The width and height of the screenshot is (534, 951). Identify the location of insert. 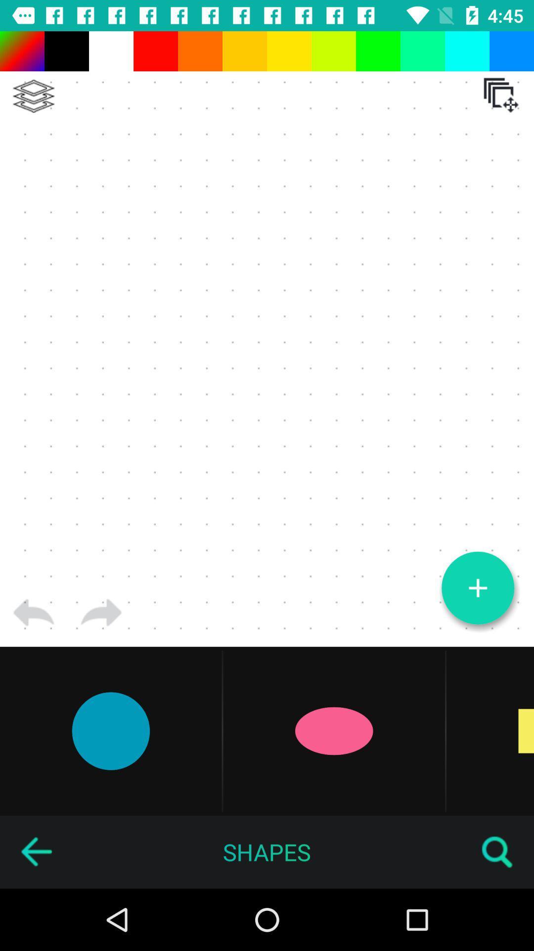
(477, 588).